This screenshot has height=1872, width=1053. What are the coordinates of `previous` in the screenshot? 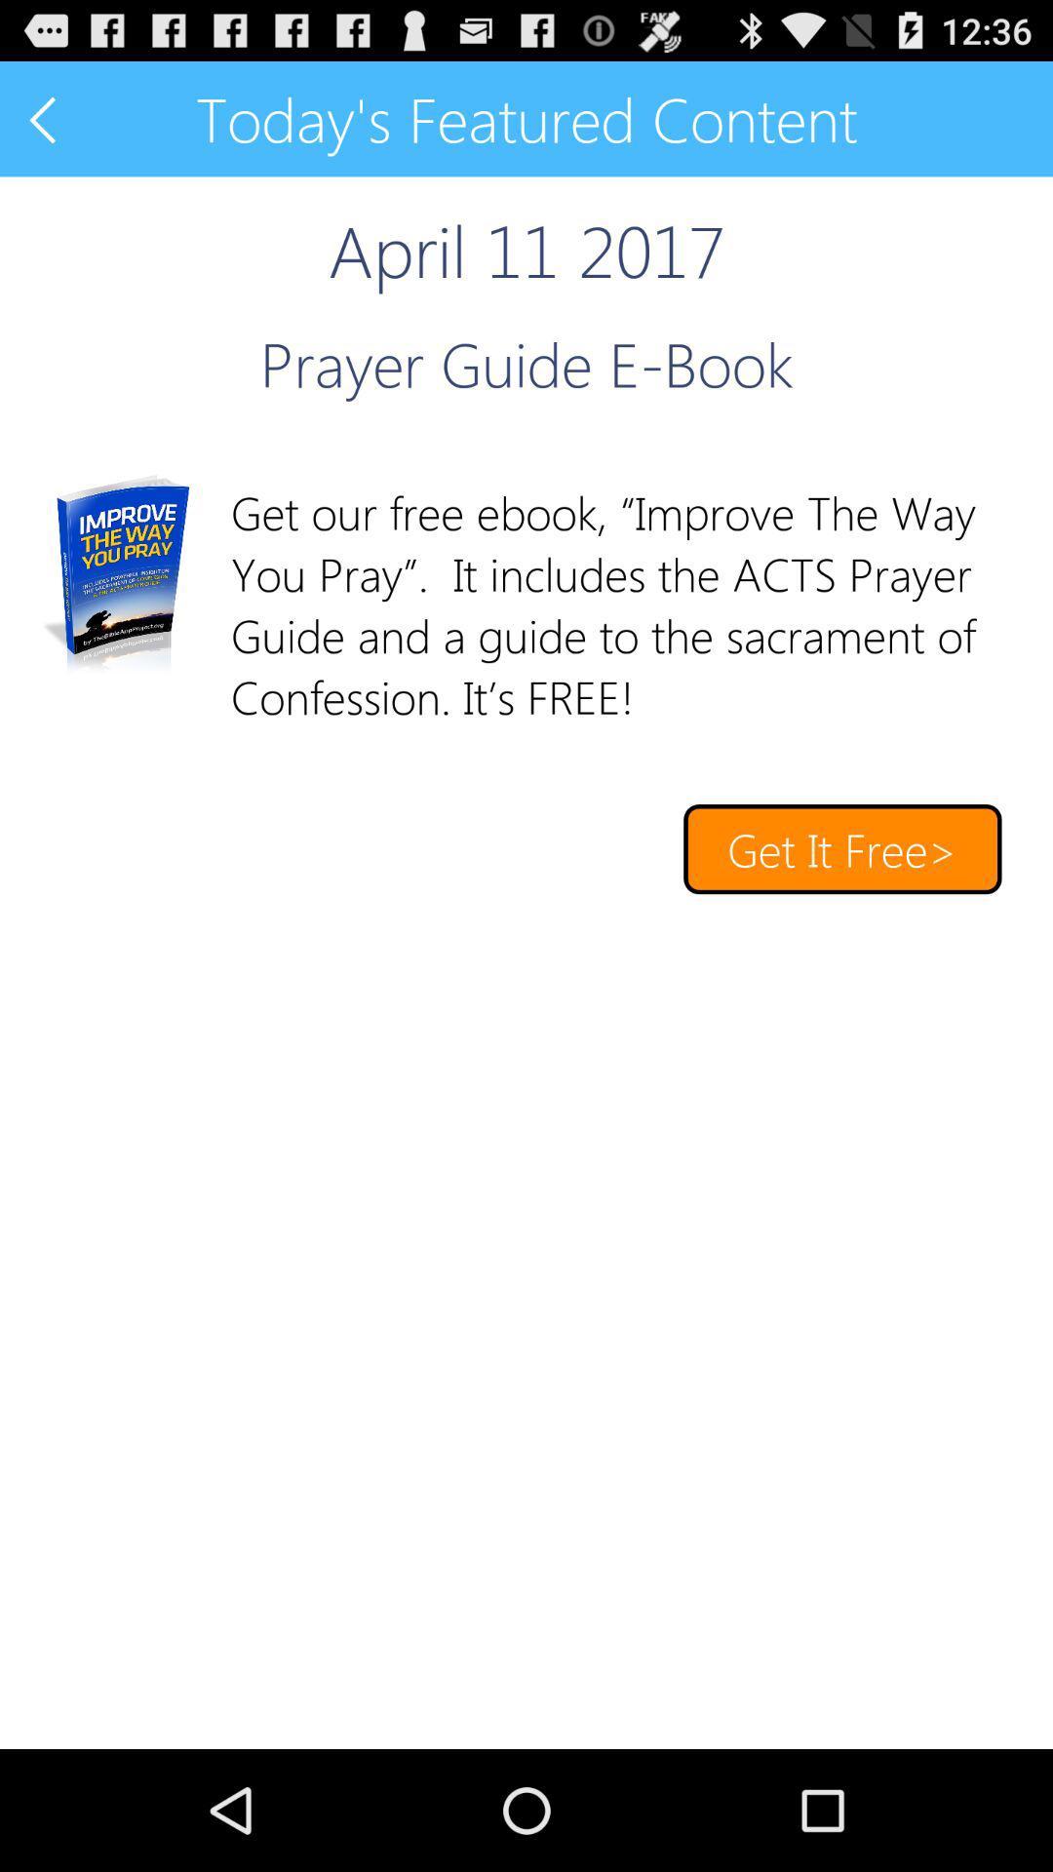 It's located at (44, 118).